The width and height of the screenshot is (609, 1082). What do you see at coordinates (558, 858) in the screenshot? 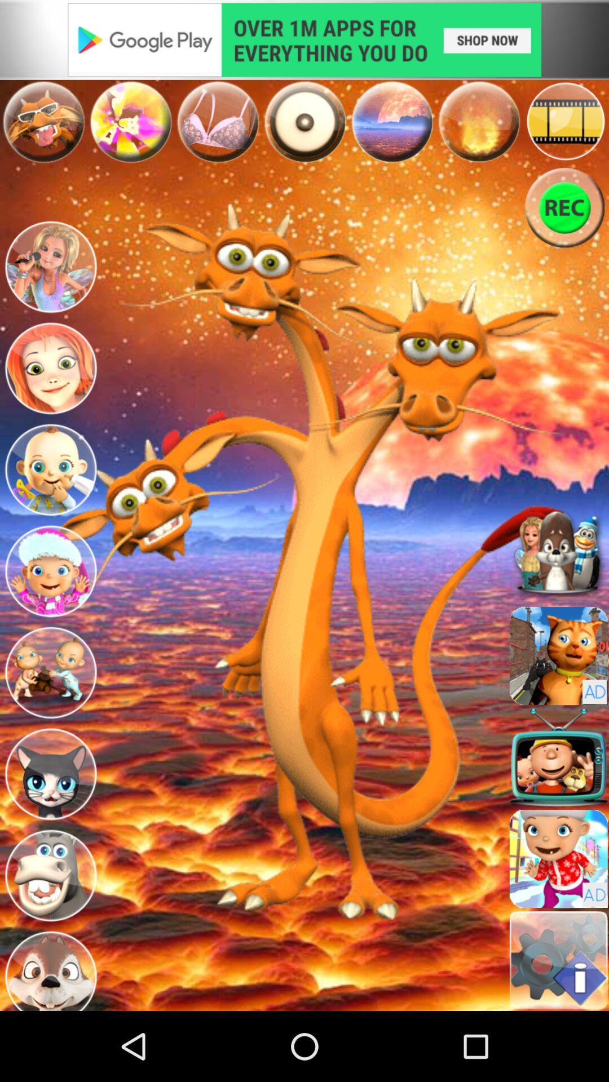
I see `game` at bounding box center [558, 858].